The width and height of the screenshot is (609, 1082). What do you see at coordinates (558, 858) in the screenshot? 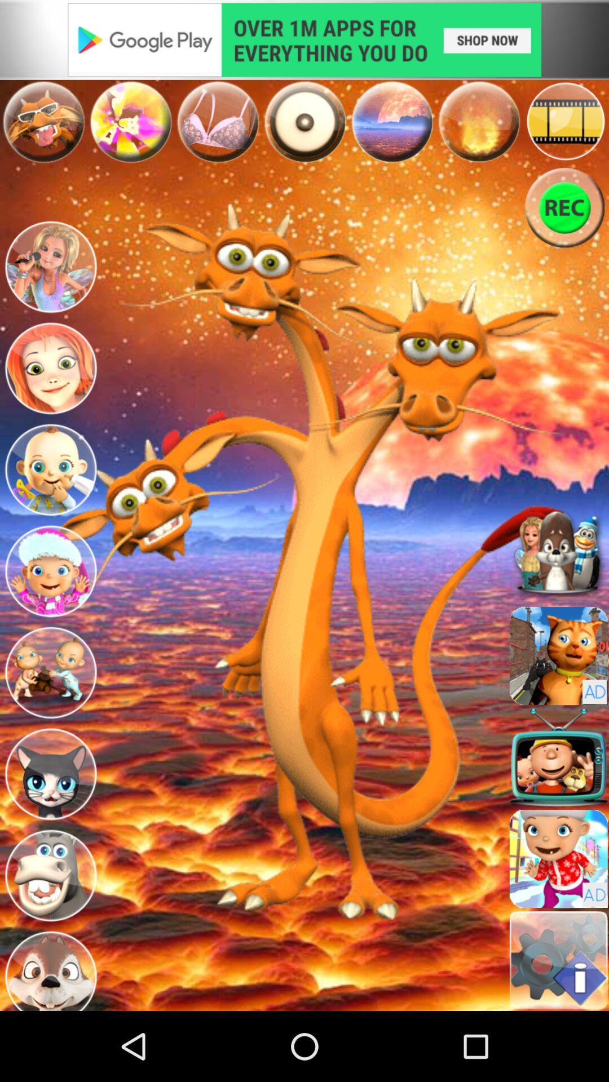
I see `game` at bounding box center [558, 858].